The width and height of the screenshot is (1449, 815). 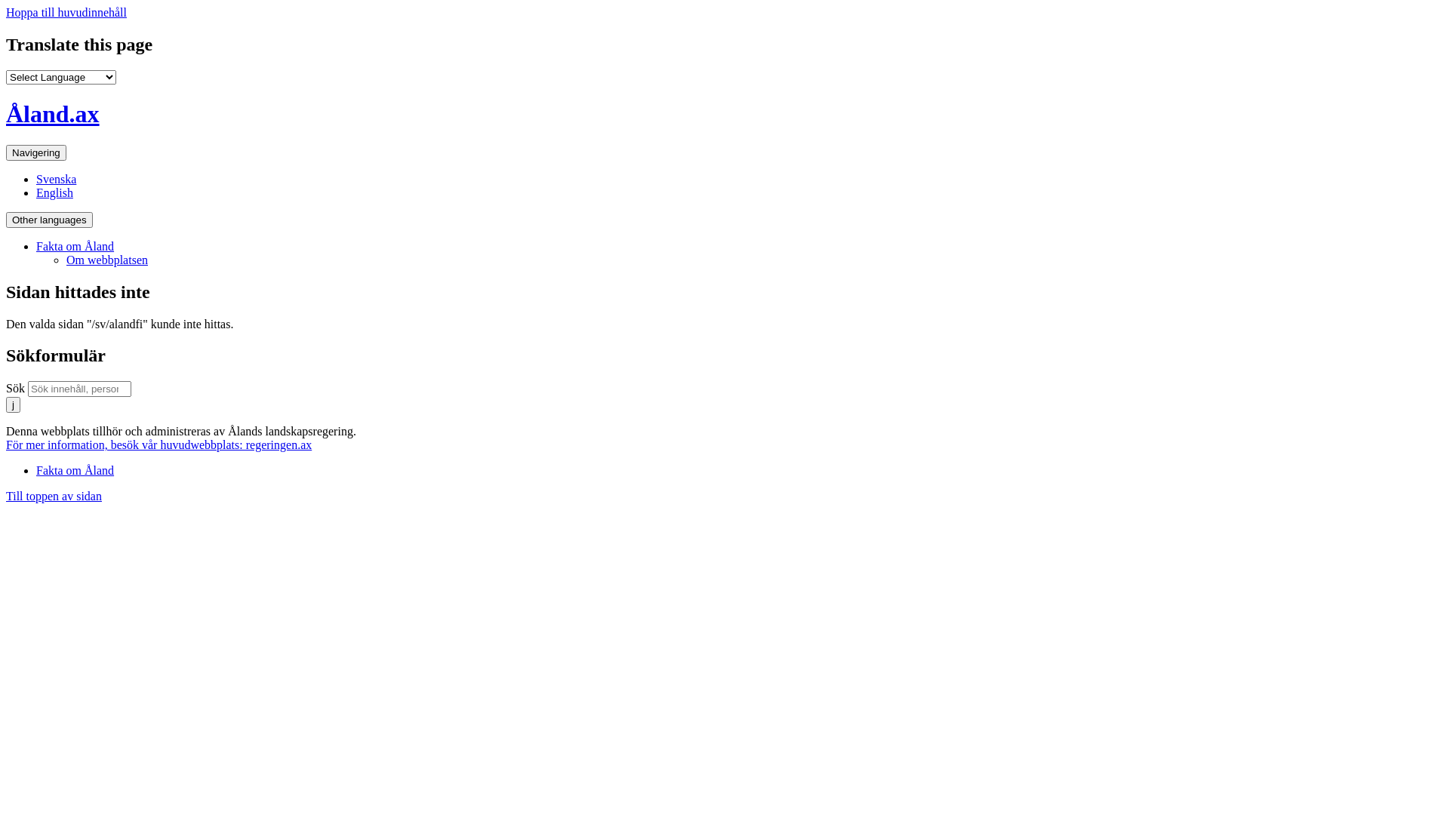 I want to click on 'English', so click(x=36, y=192).